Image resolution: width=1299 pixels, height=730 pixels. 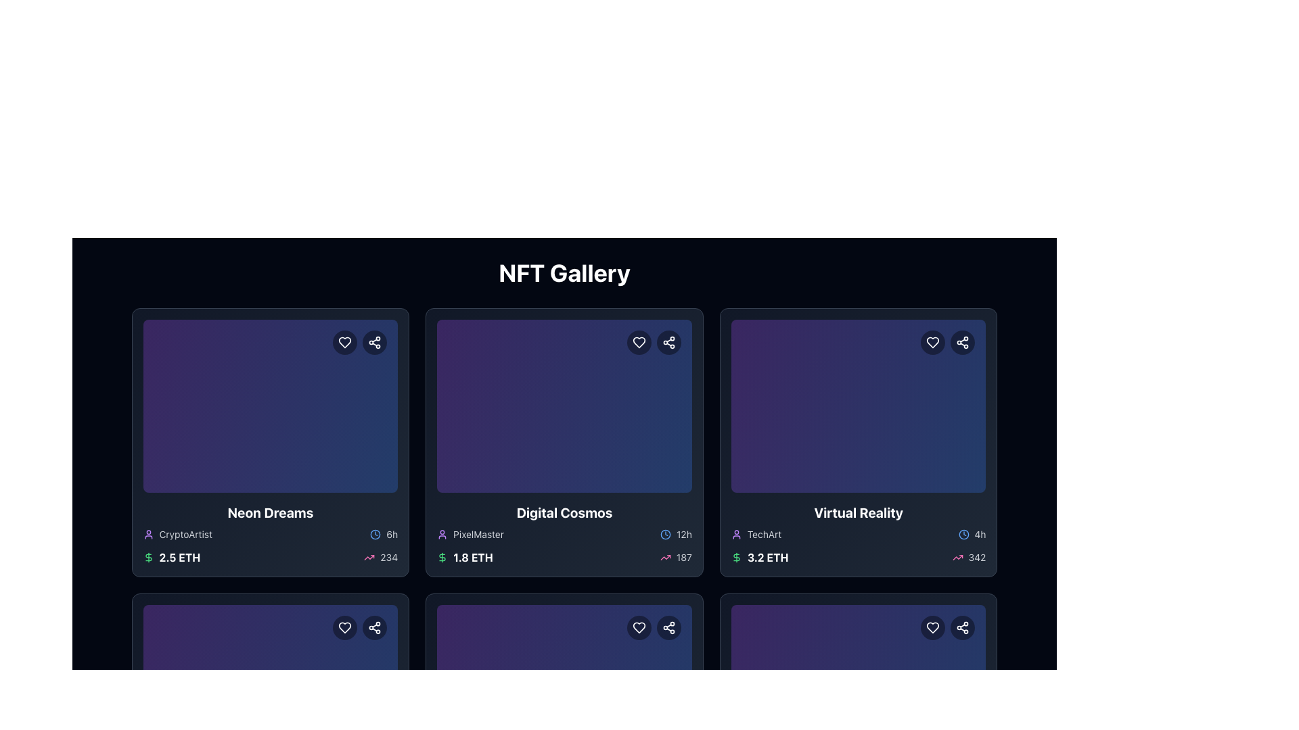 What do you see at coordinates (375, 533) in the screenshot?
I see `the styling of the clock icon located within the bottom section of the 'Neon Dreams' card, positioned to the left of the text '6h'` at bounding box center [375, 533].